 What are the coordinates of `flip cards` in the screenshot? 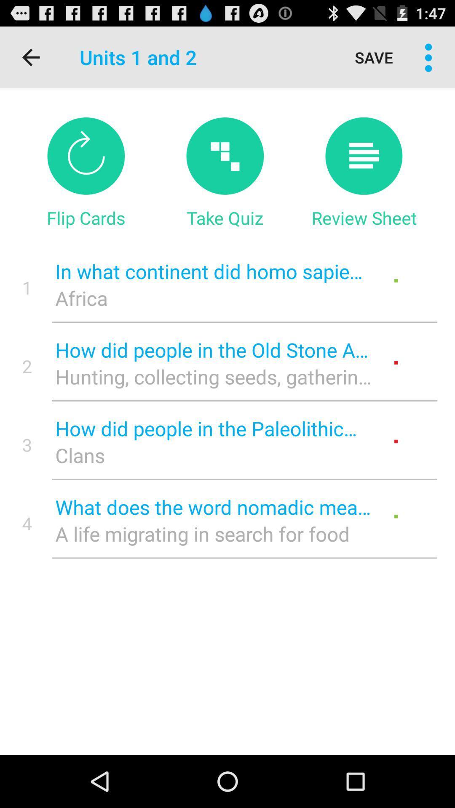 It's located at (86, 156).